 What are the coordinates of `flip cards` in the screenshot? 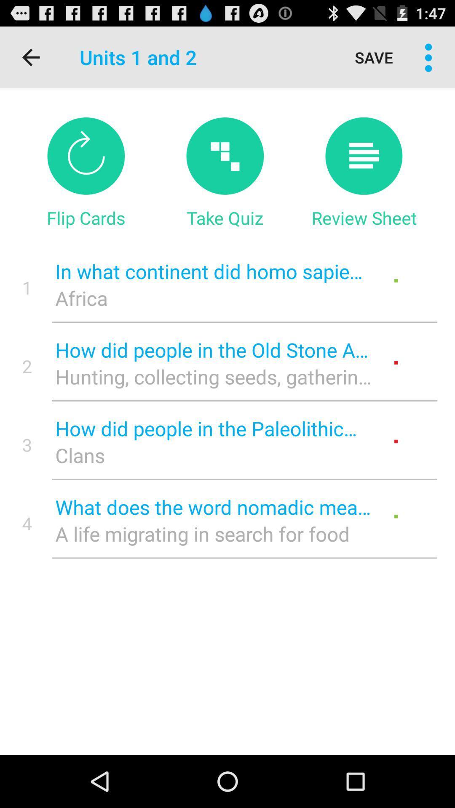 It's located at (86, 156).